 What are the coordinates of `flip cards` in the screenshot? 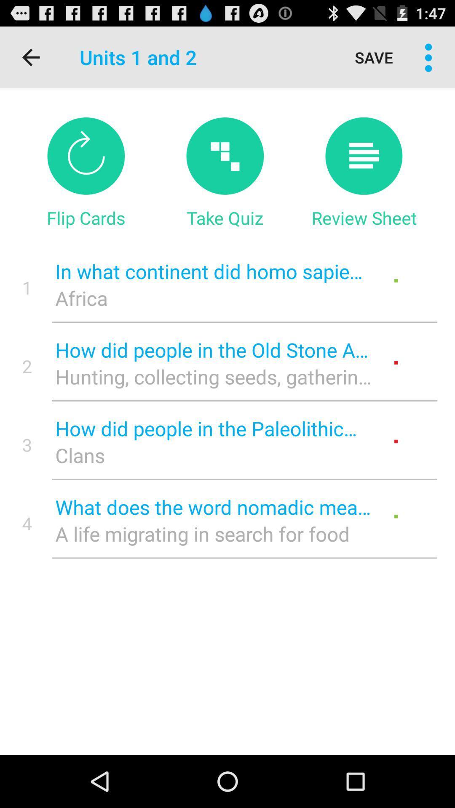 It's located at (86, 156).